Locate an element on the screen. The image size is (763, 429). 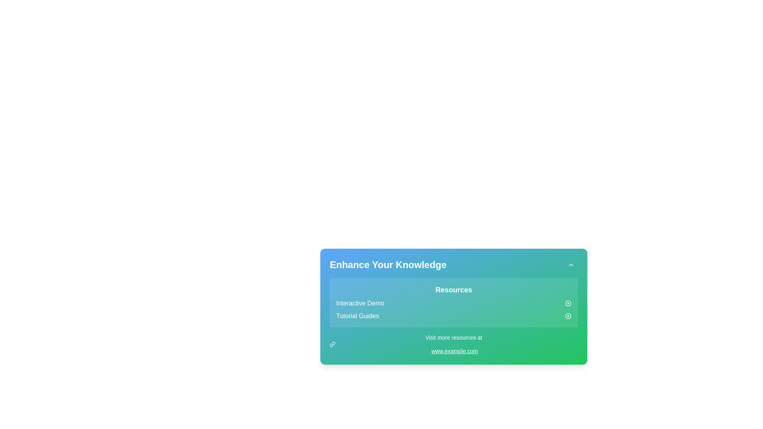
the chevron icon in the upper-right corner of the card component is located at coordinates (570, 265).